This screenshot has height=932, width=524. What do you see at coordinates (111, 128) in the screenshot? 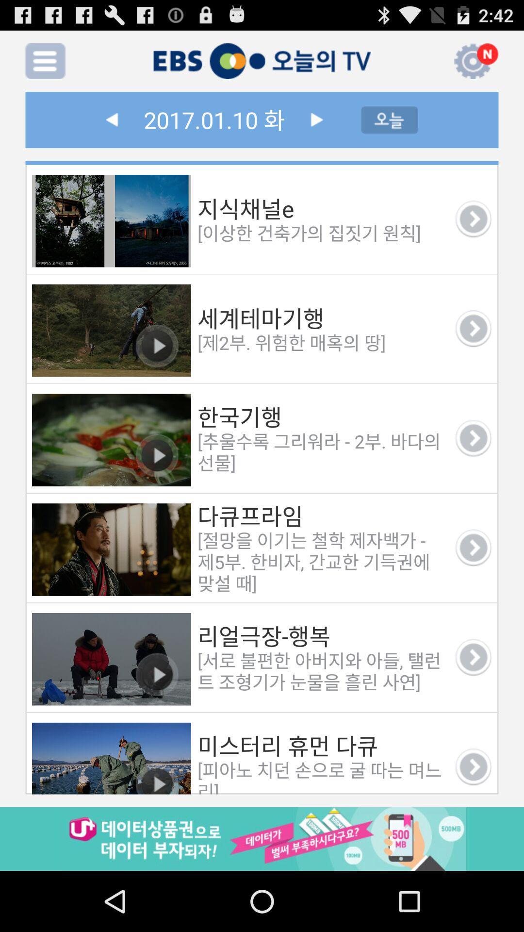
I see `the arrow_backward icon` at bounding box center [111, 128].